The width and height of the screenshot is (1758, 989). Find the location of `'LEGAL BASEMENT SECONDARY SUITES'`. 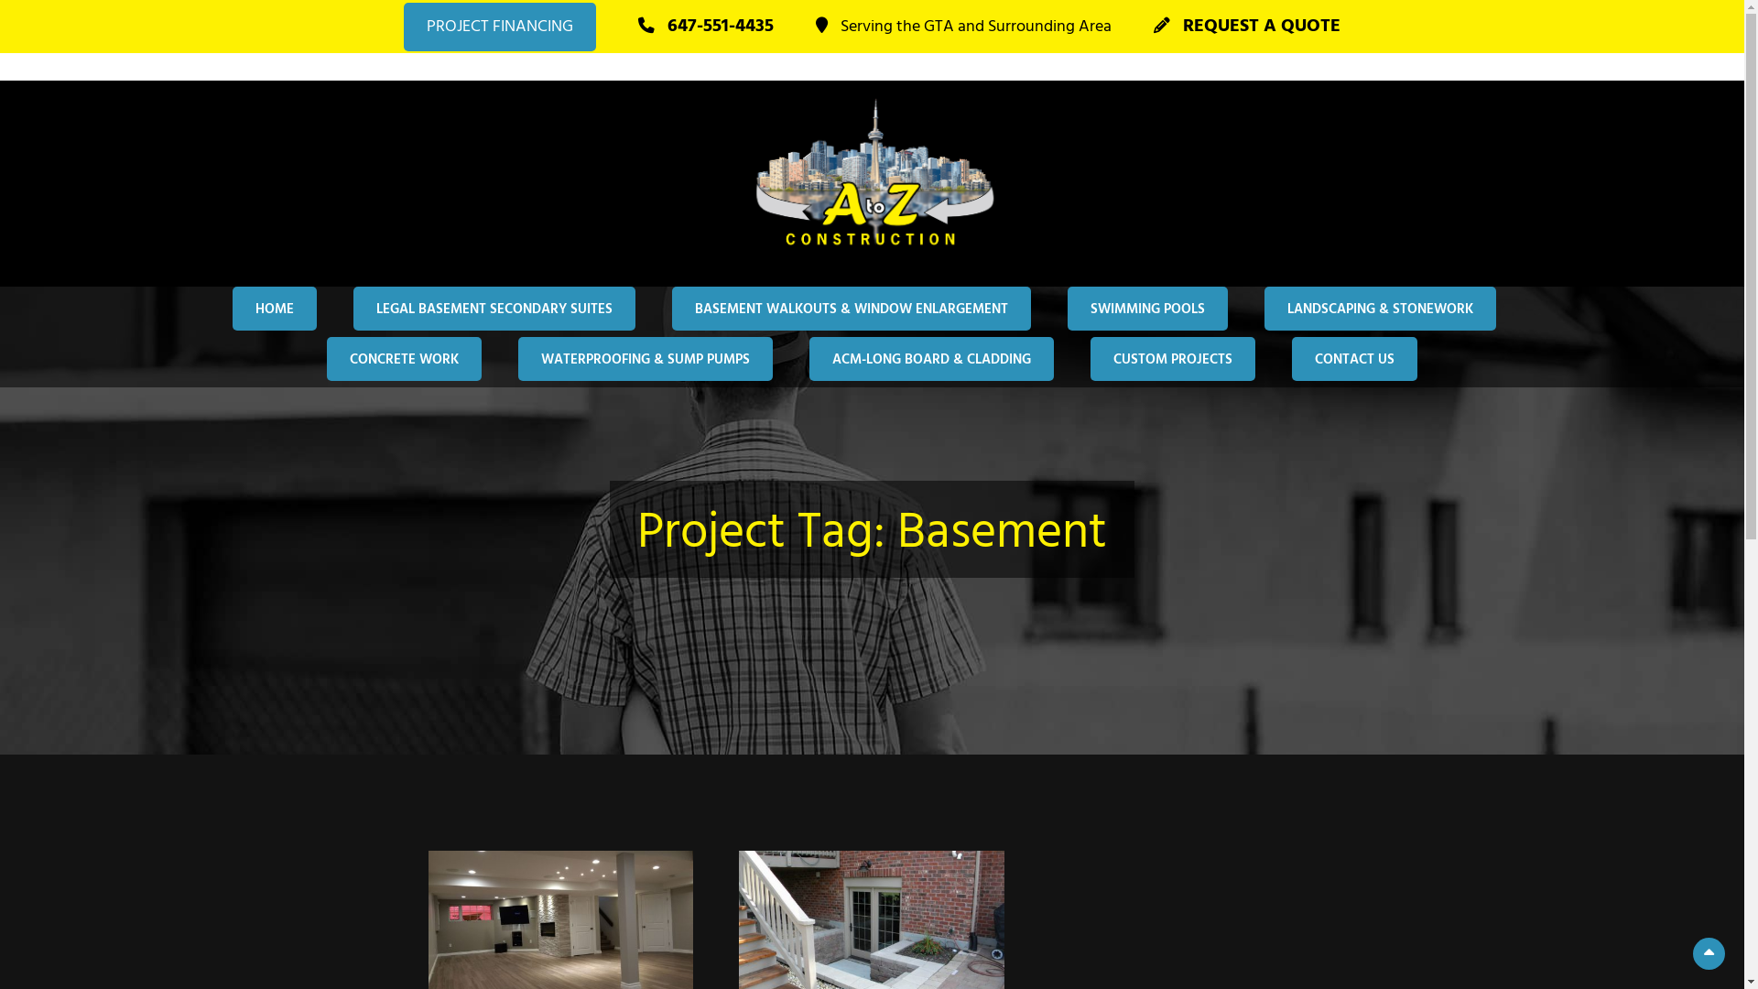

'LEGAL BASEMENT SECONDARY SUITES' is located at coordinates (494, 306).